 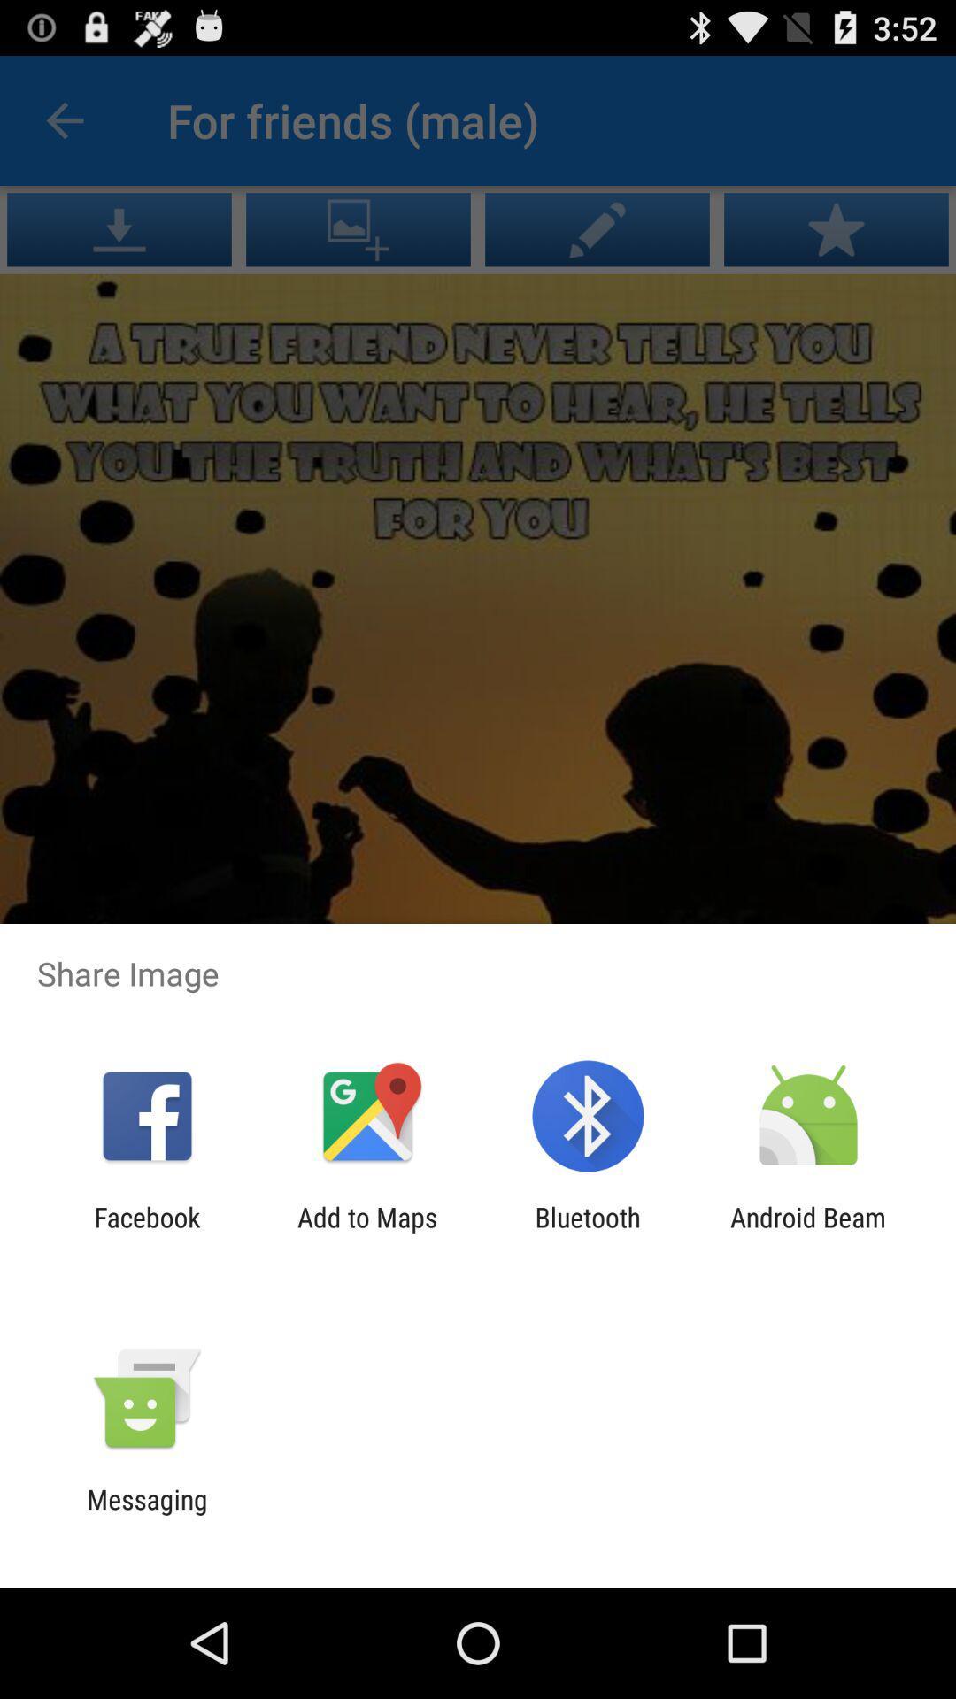 What do you see at coordinates (588, 1232) in the screenshot?
I see `the item to the right of the add to maps` at bounding box center [588, 1232].